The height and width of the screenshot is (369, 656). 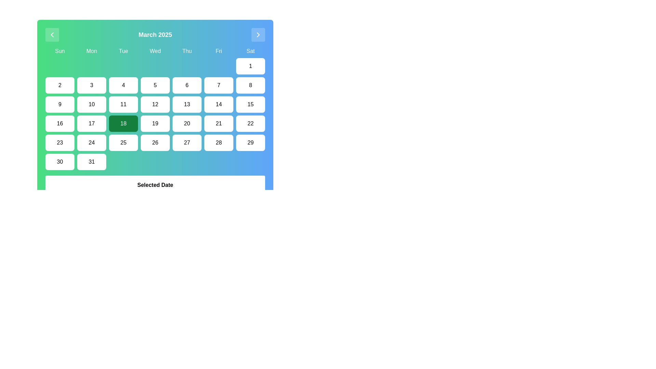 What do you see at coordinates (60, 85) in the screenshot?
I see `the date button labeled '2' which is a rounded rectangle with a white background and black text, located under the 'Sun' header in the calendar grid` at bounding box center [60, 85].